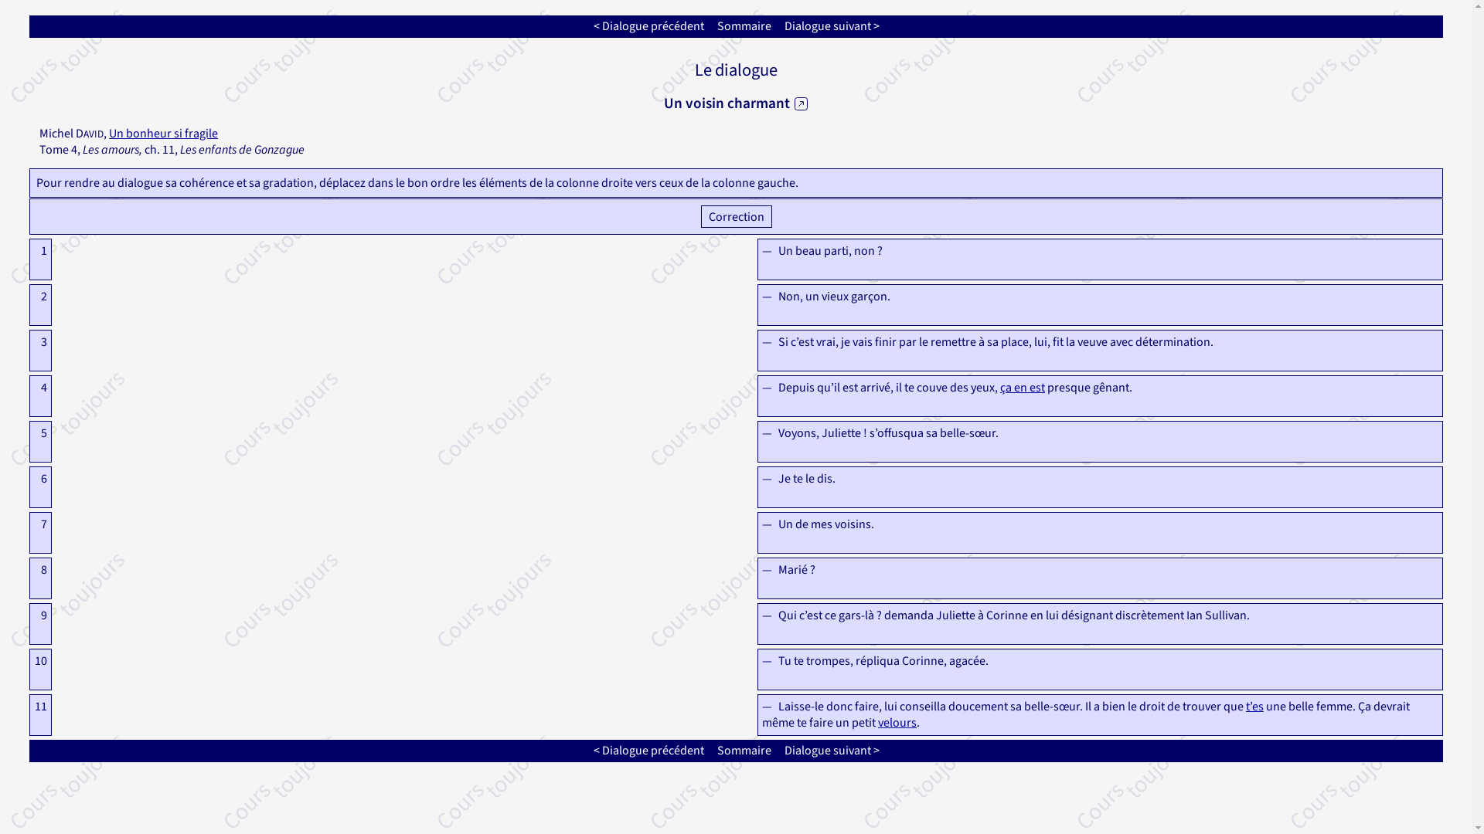 The image size is (1484, 834). I want to click on 'Dialogue suivant >', so click(831, 26).